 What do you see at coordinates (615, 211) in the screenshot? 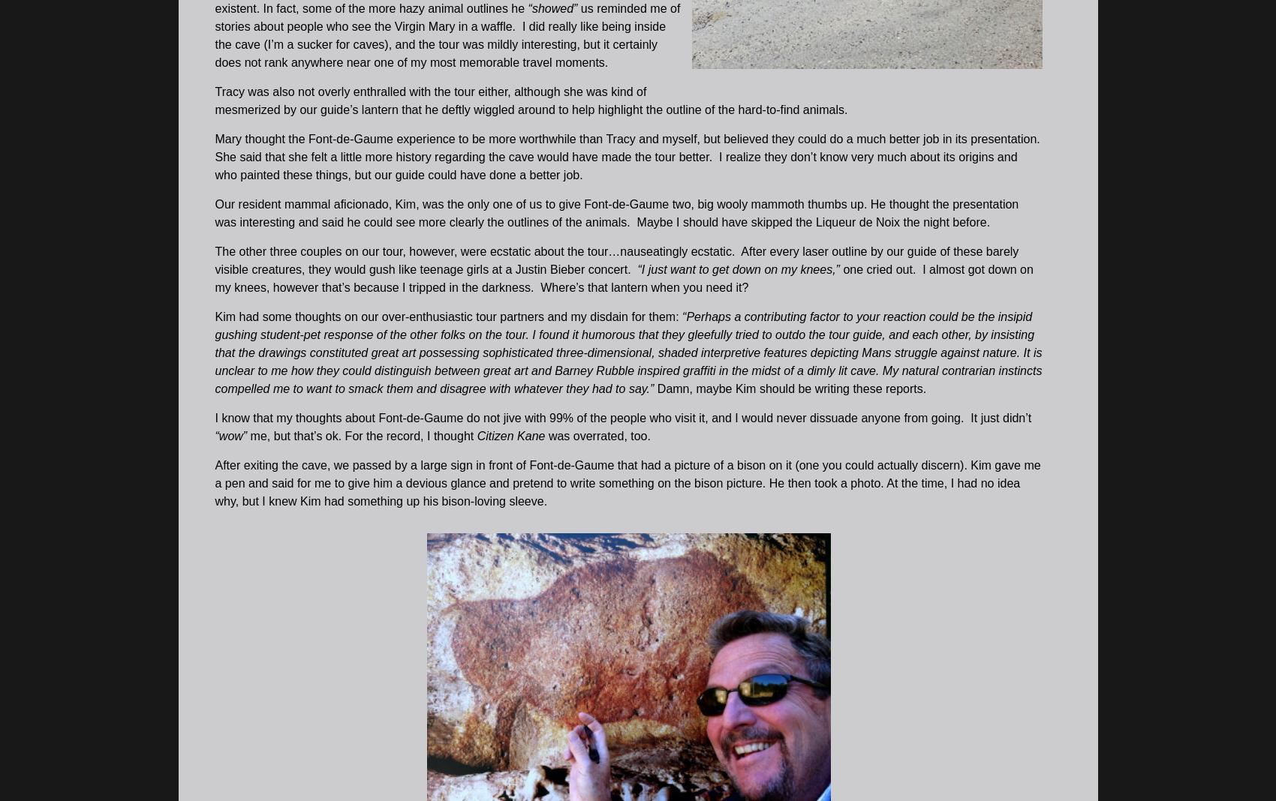
I see `'Our resident mammal aficionado, Kim, was the only one of us to give Font-de-Gaume two, big wooly mammoth thumbs up. He thought the presentation was interesting and said he could see more clearly the outlines of the animals.  Maybe I should have skipped the Liqueur de Noix the night before.'` at bounding box center [615, 211].